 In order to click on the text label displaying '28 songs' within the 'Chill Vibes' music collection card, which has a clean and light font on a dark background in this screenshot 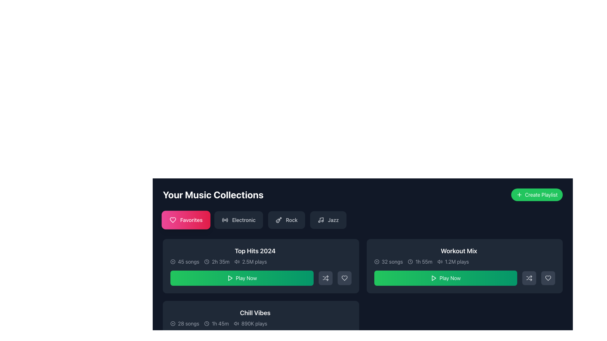, I will do `click(188, 324)`.